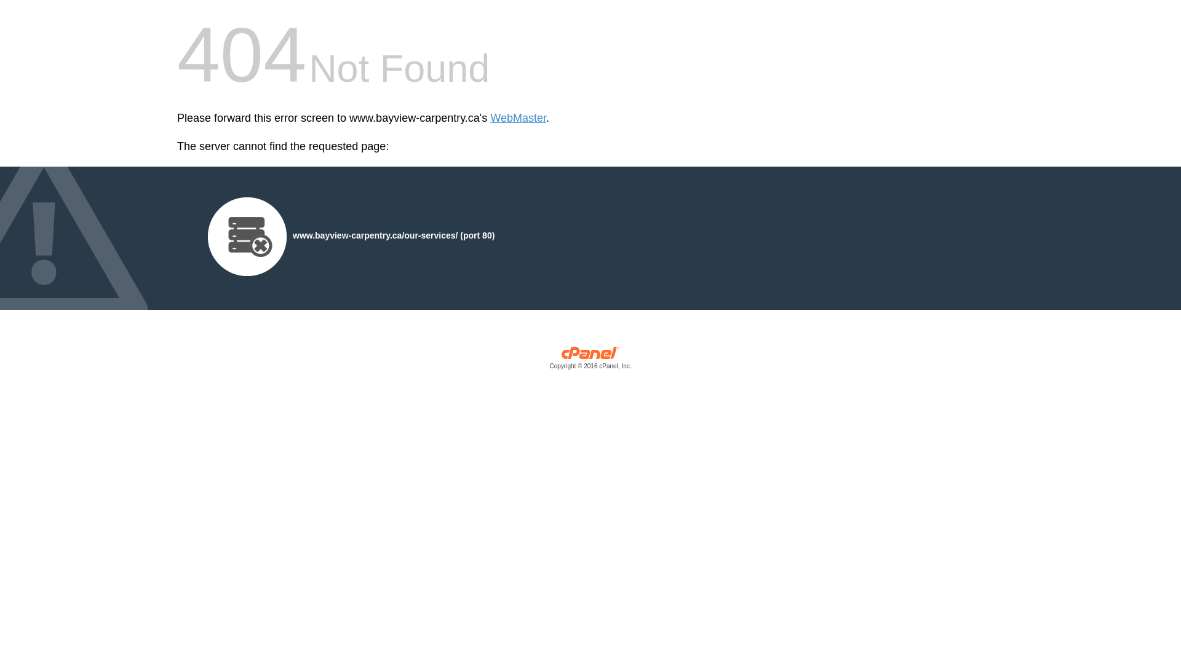  What do you see at coordinates (489, 118) in the screenshot?
I see `'WebMaster'` at bounding box center [489, 118].